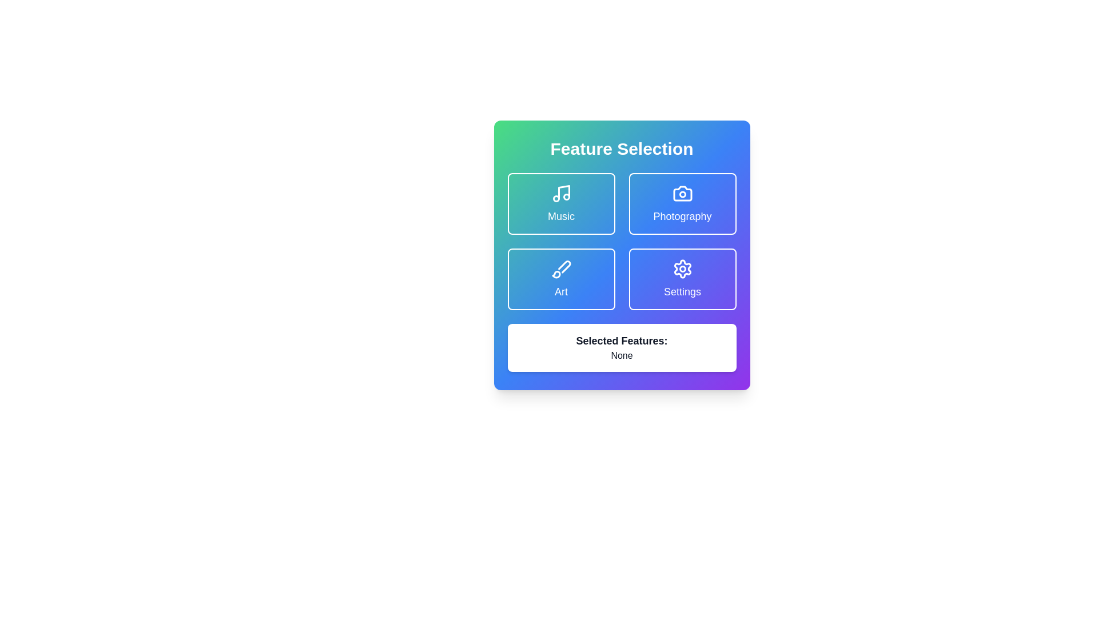  Describe the element at coordinates (566, 196) in the screenshot. I see `the second filled circle element in the 'Music' icon SVG representation located at the top-left corner of the feature selection interface` at that location.